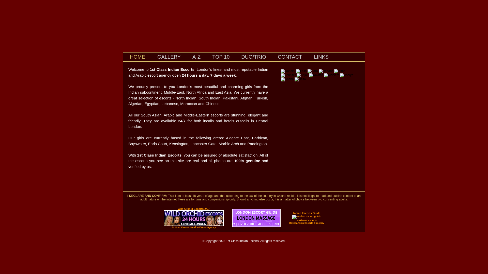 The image size is (488, 274). What do you see at coordinates (235, 57) in the screenshot?
I see `'DUO/TRIO'` at bounding box center [235, 57].